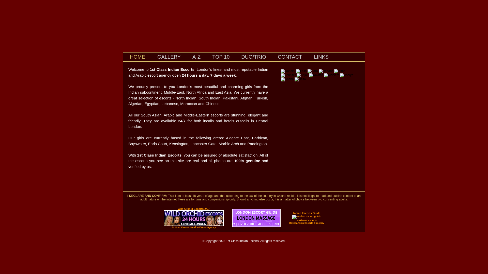 The image size is (488, 274). What do you see at coordinates (235, 57) in the screenshot?
I see `'DUO/TRIO'` at bounding box center [235, 57].